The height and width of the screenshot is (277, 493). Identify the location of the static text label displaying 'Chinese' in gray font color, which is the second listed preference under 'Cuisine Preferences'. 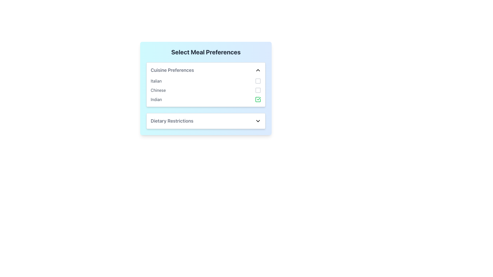
(158, 90).